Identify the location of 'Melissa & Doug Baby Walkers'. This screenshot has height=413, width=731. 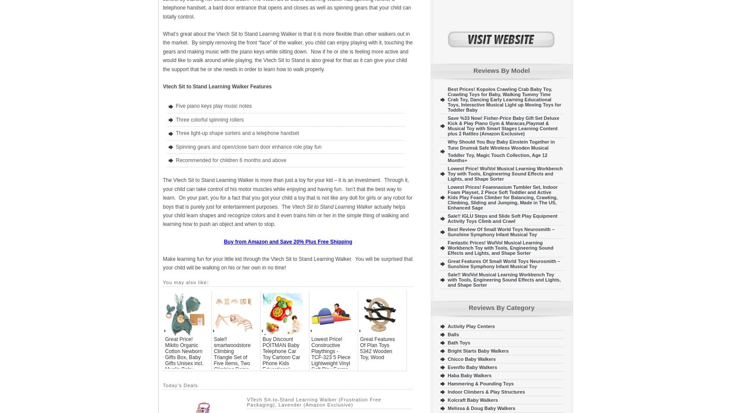
(481, 408).